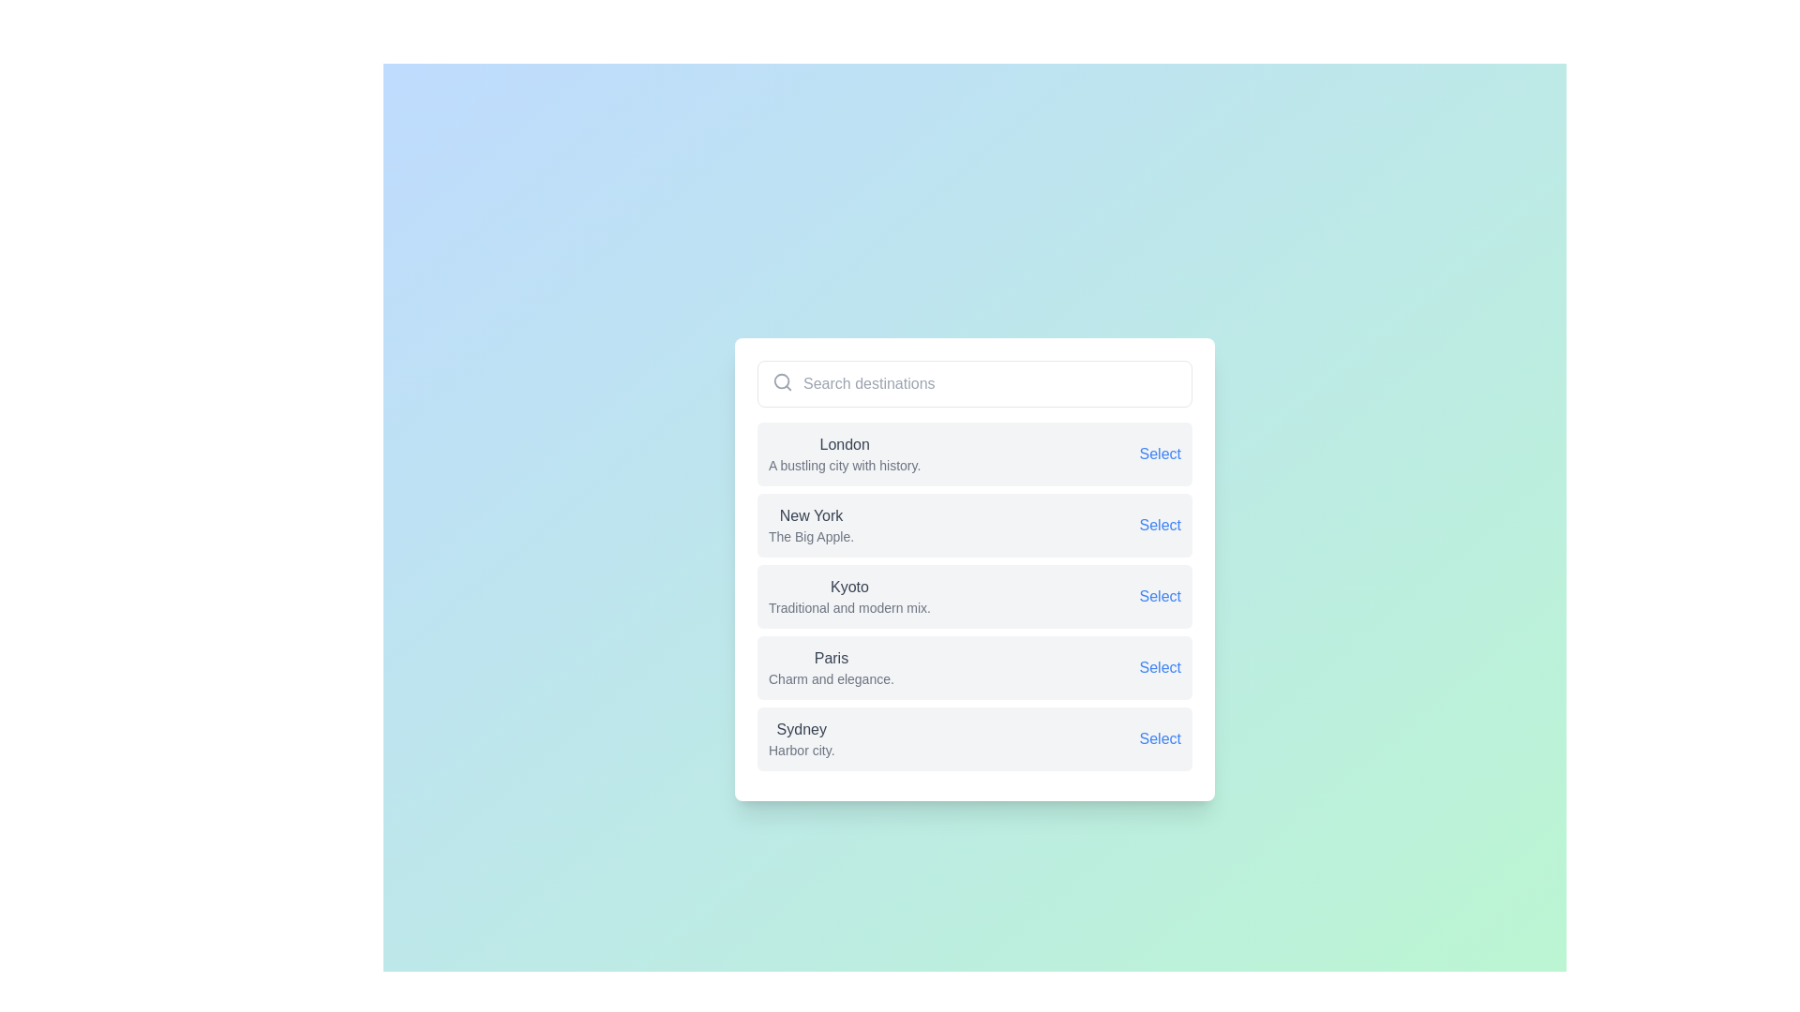 This screenshot has height=1012, width=1800. I want to click on the third selectable option in the list for the destination 'Kyoto', so click(975, 596).